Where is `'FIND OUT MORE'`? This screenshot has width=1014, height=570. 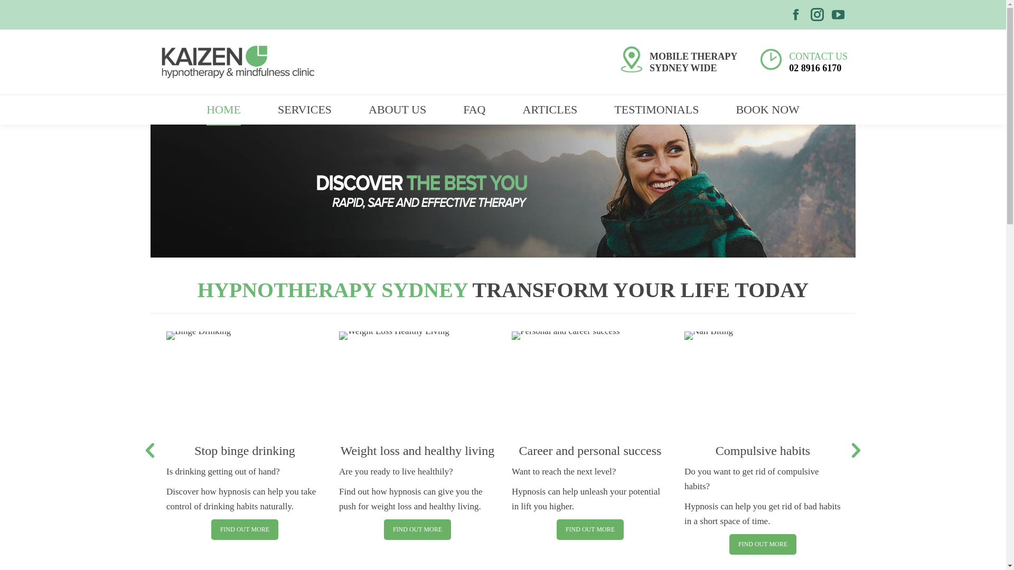 'FIND OUT MORE' is located at coordinates (763, 544).